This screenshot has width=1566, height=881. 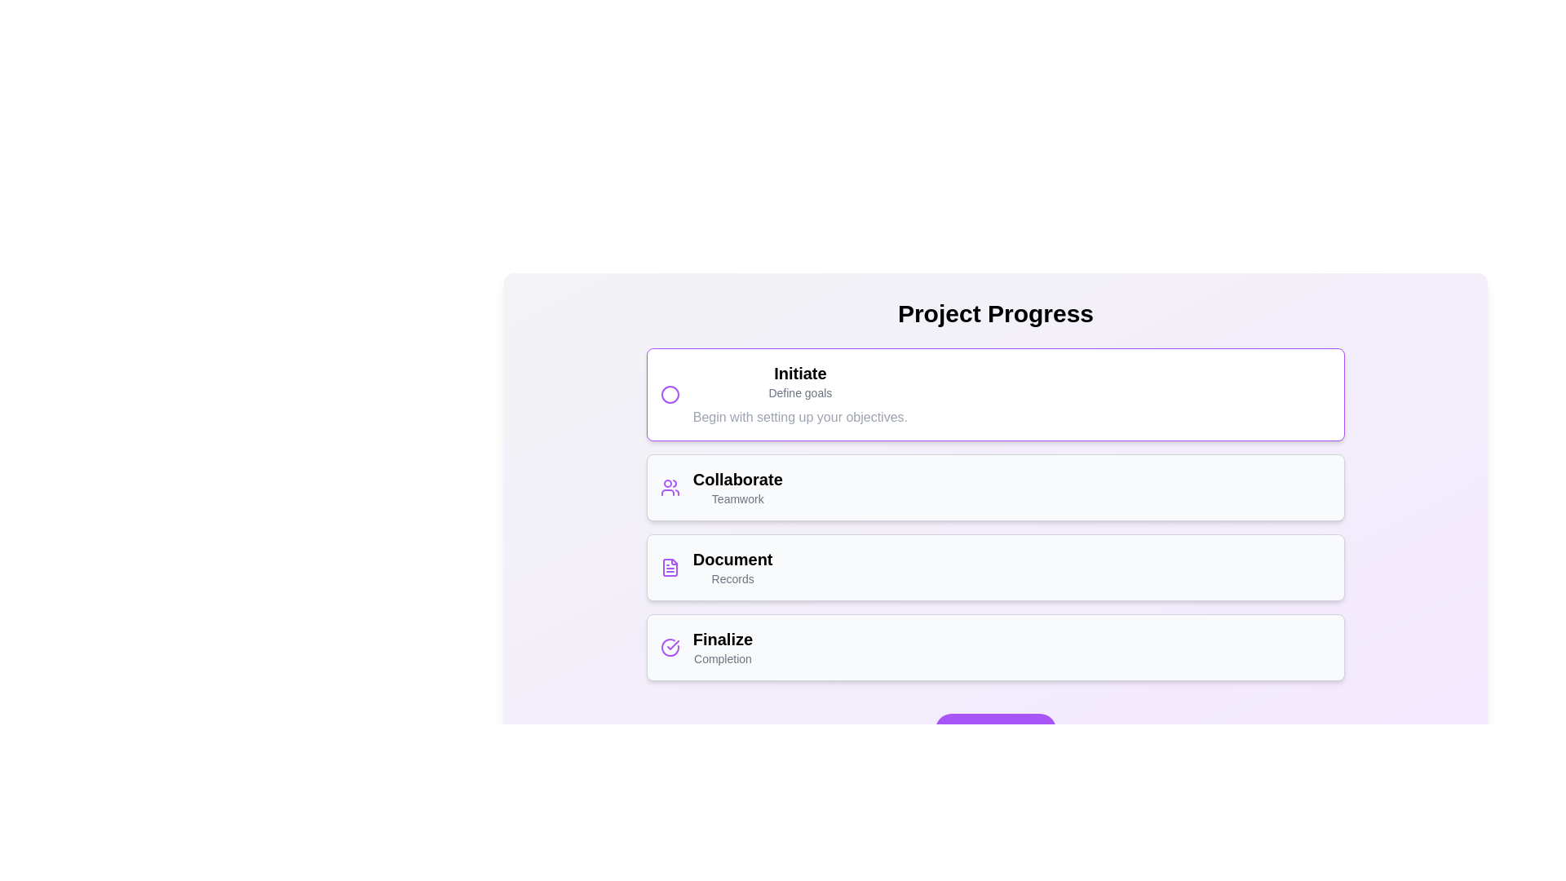 I want to click on the Text Content Block containing the title 'Initiate', which displays further information, so click(x=800, y=394).